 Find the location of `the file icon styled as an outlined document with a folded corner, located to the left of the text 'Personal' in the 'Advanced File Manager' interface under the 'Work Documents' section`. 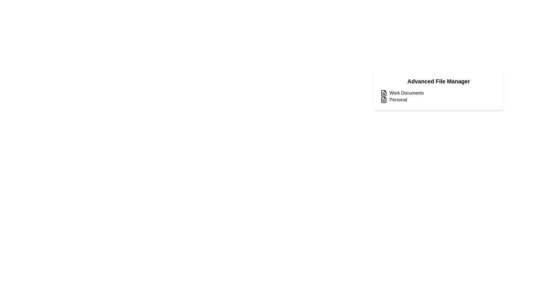

the file icon styled as an outlined document with a folded corner, located to the left of the text 'Personal' in the 'Advanced File Manager' interface under the 'Work Documents' section is located at coordinates (383, 99).